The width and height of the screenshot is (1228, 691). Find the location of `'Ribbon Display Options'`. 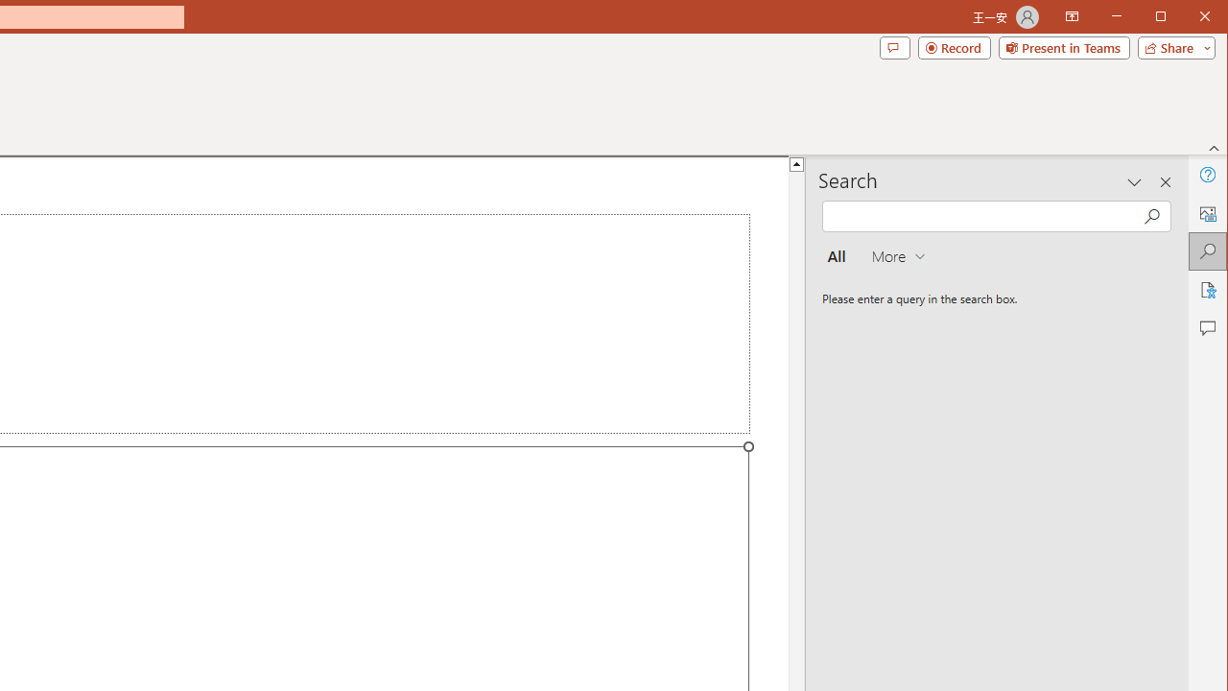

'Ribbon Display Options' is located at coordinates (1071, 17).